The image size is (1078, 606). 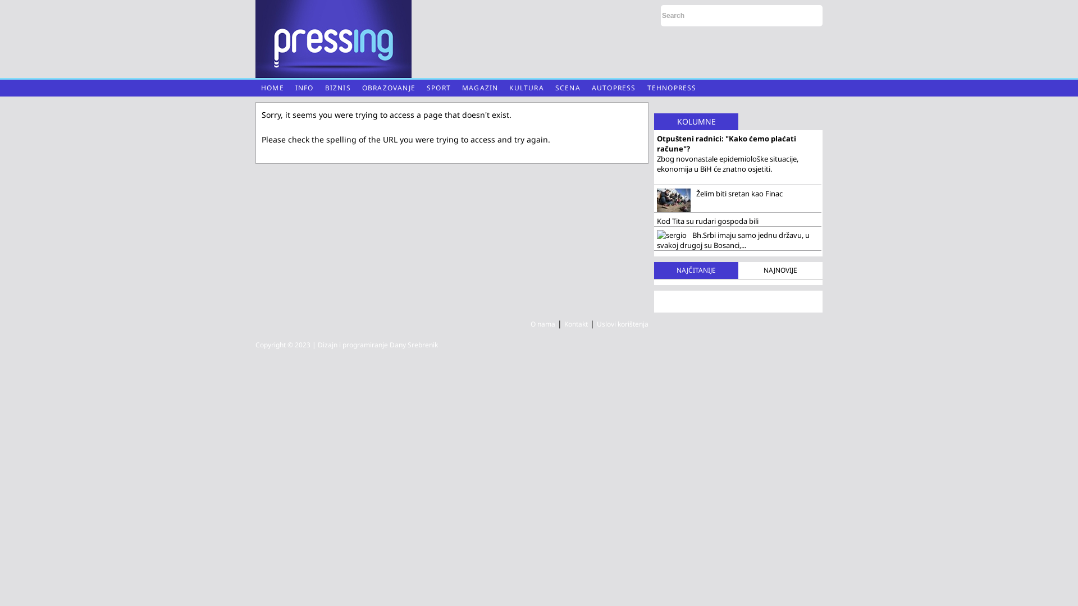 What do you see at coordinates (389, 88) in the screenshot?
I see `'OBRAZOVANJE'` at bounding box center [389, 88].